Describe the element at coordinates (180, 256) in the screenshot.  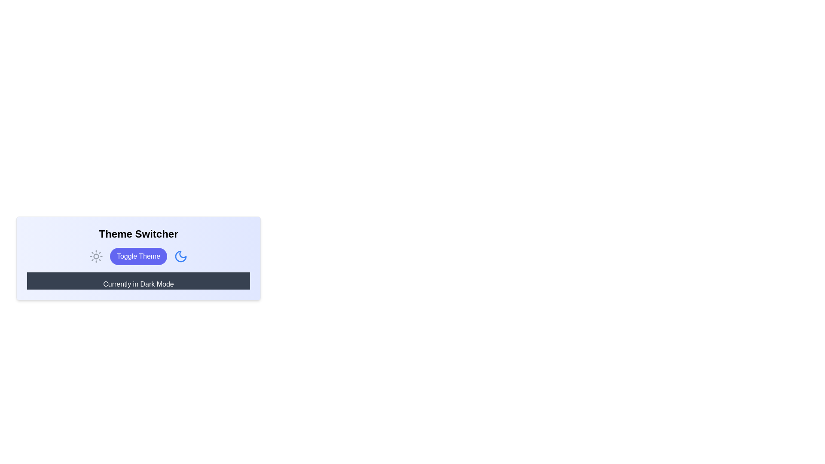
I see `the crescent moon icon in blue color located in the bottom section of the 'Theme Switcher' card` at that location.